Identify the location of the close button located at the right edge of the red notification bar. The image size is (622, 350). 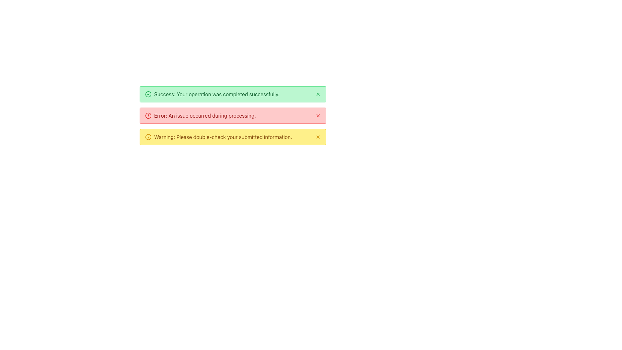
(318, 115).